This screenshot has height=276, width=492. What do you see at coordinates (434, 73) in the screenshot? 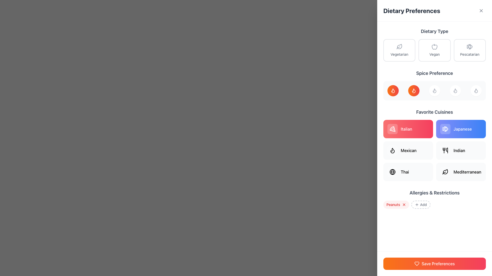
I see `the text label 'Spice Preference' which is styled in bold dark gray and located in the 'Dietary Preferences' panel, below the 'Dietary Type' section` at bounding box center [434, 73].